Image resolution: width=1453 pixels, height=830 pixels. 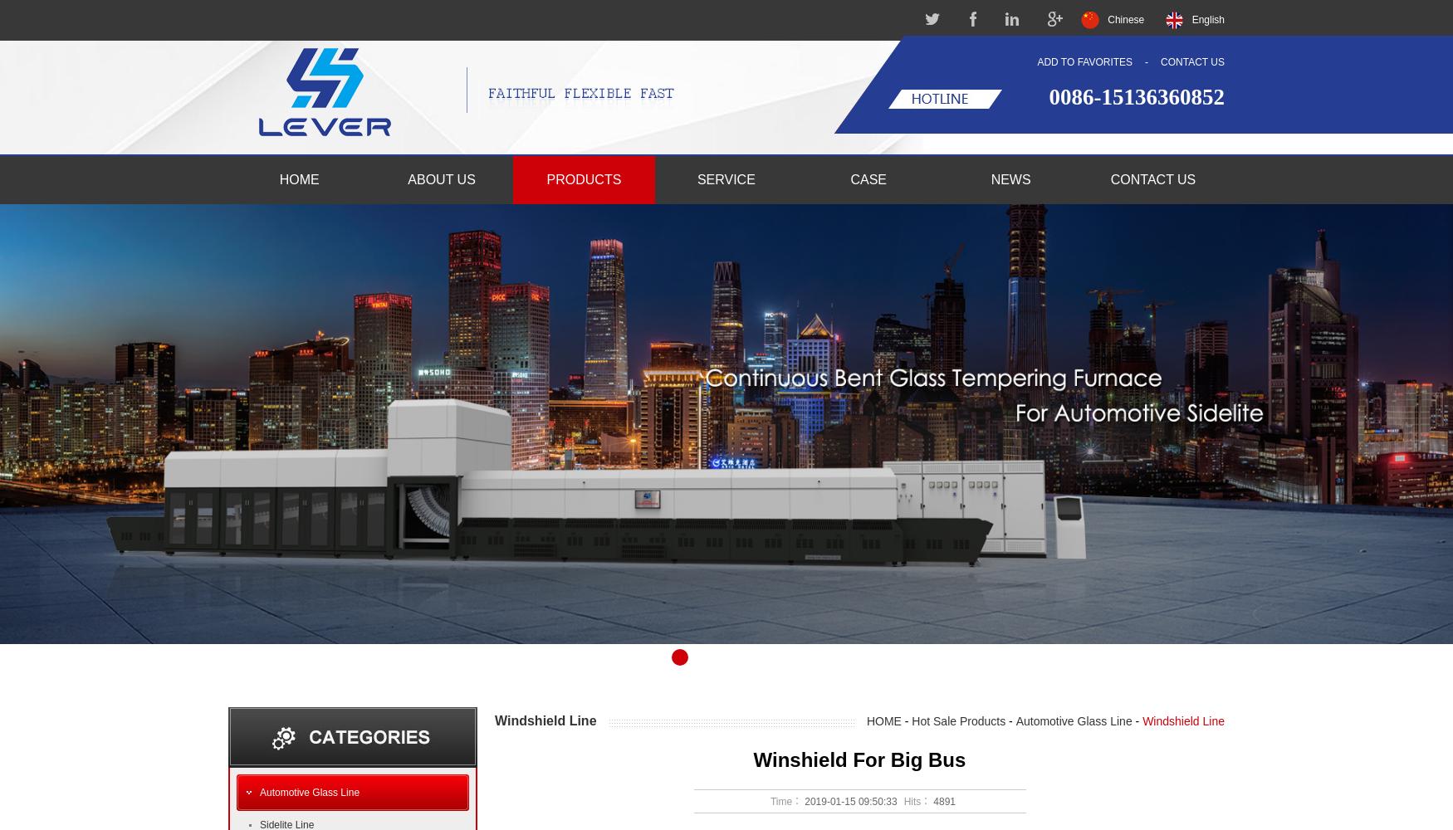 What do you see at coordinates (583, 178) in the screenshot?
I see `'PRODUCTS'` at bounding box center [583, 178].